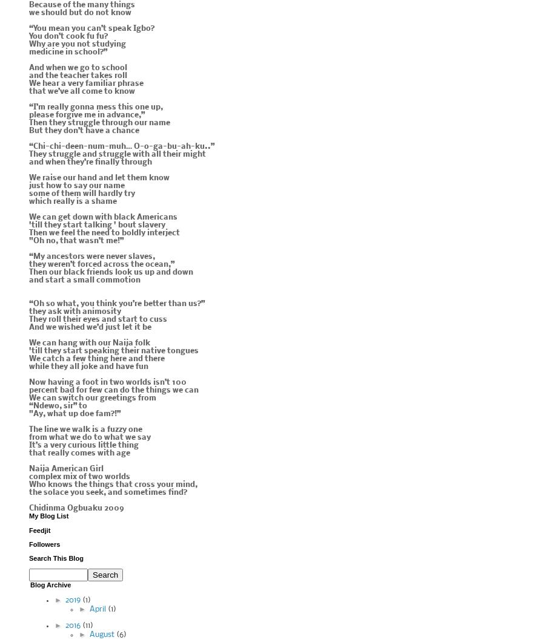  What do you see at coordinates (73, 625) in the screenshot?
I see `'2016'` at bounding box center [73, 625].